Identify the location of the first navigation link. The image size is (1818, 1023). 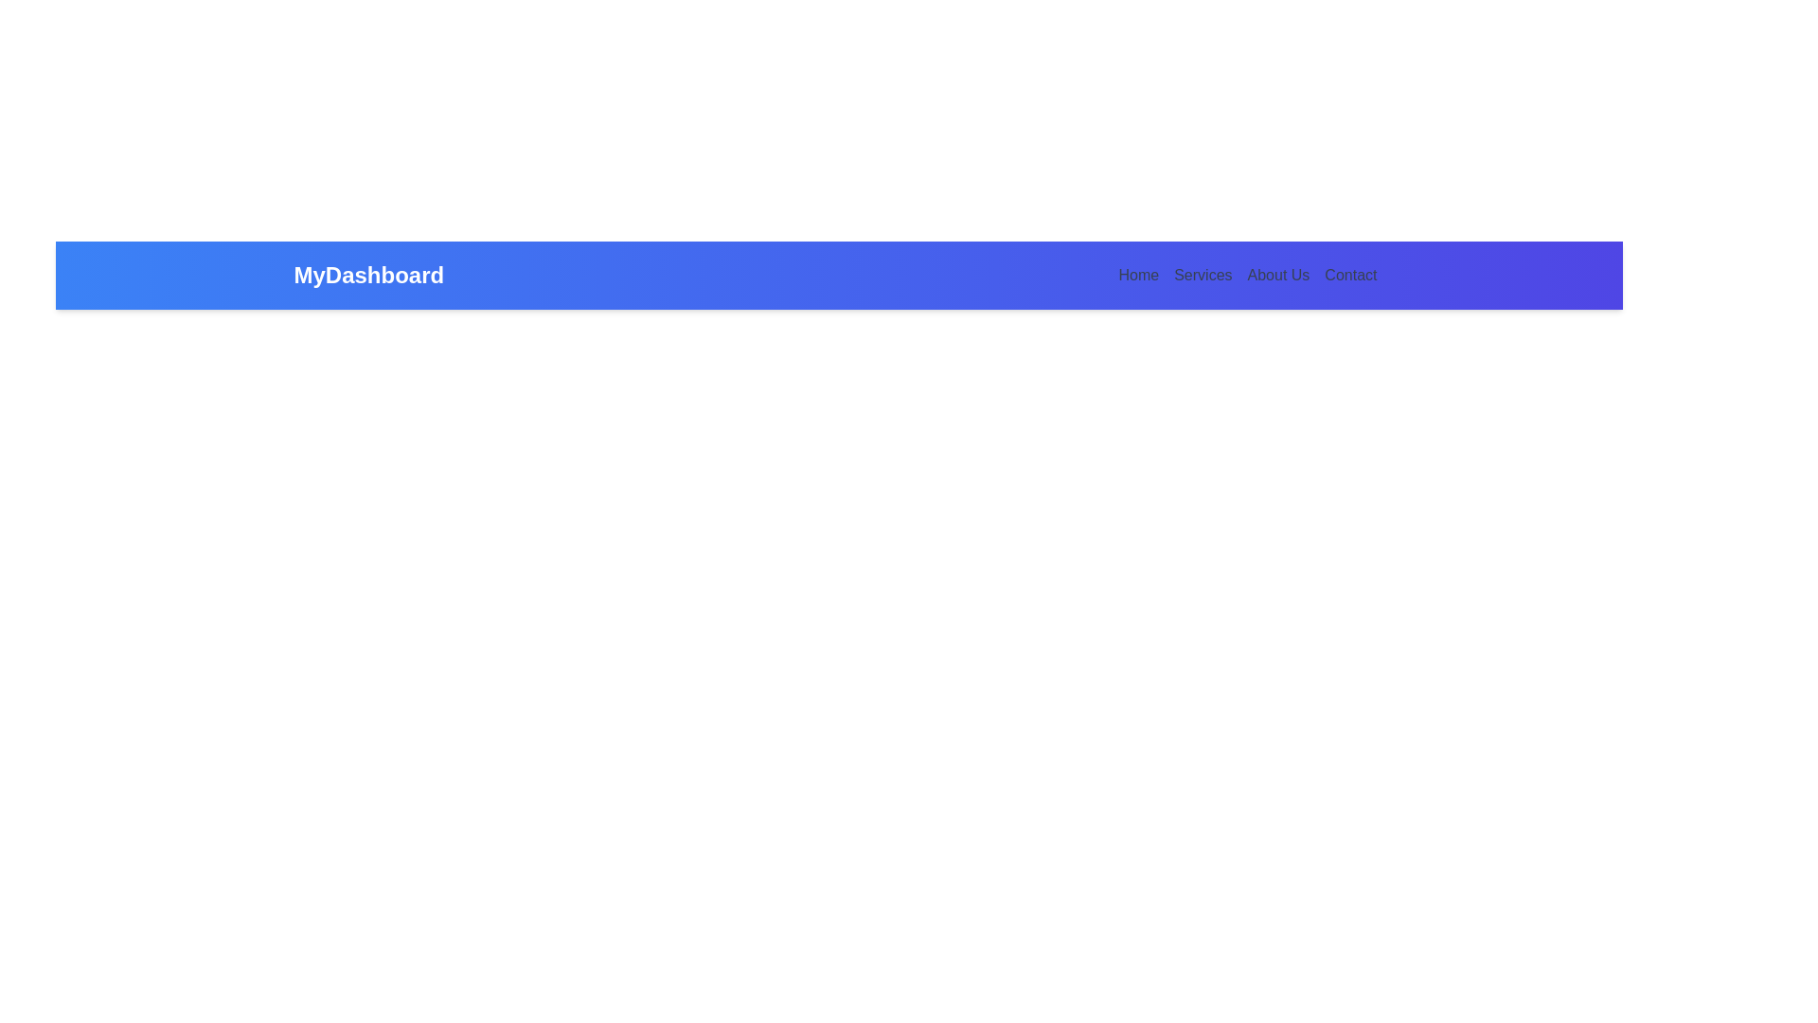
(1137, 275).